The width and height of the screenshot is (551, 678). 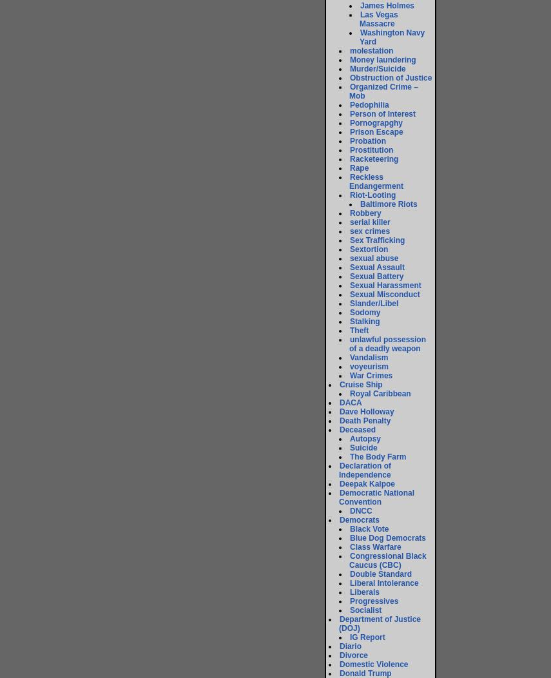 I want to click on 'Progressives', so click(x=350, y=601).